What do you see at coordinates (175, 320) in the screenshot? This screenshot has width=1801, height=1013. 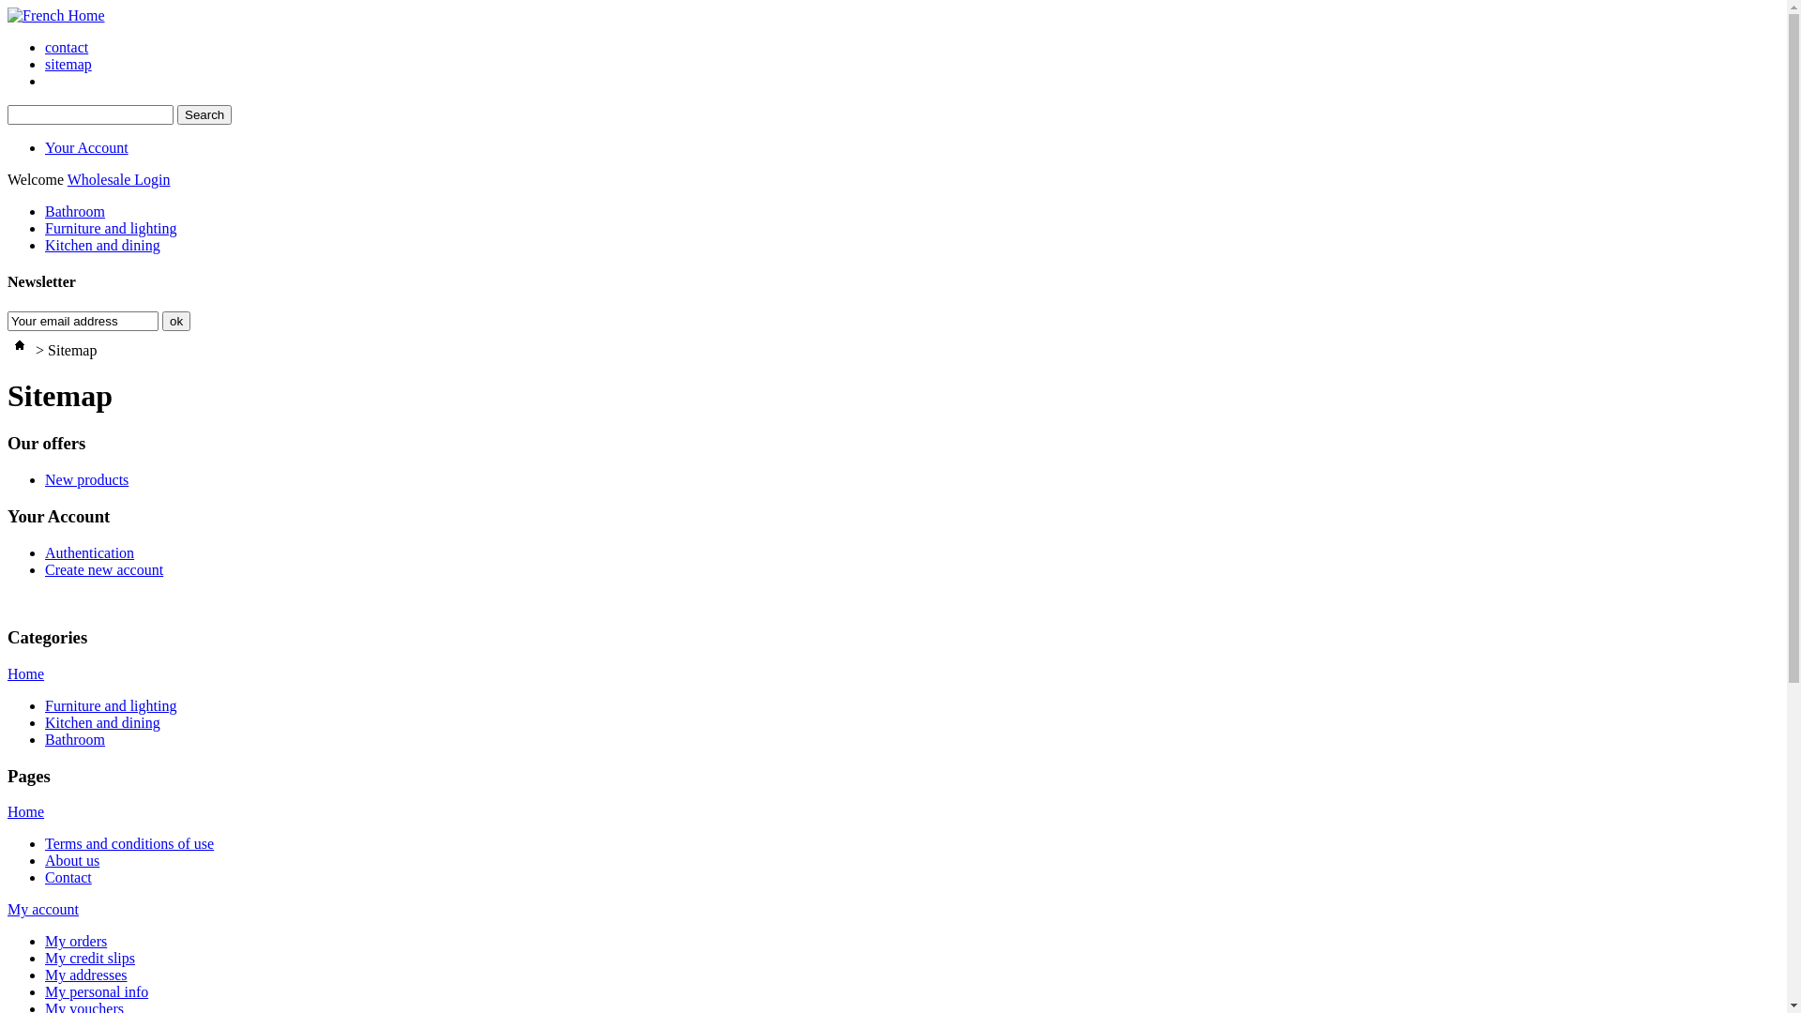 I see `'ok'` at bounding box center [175, 320].